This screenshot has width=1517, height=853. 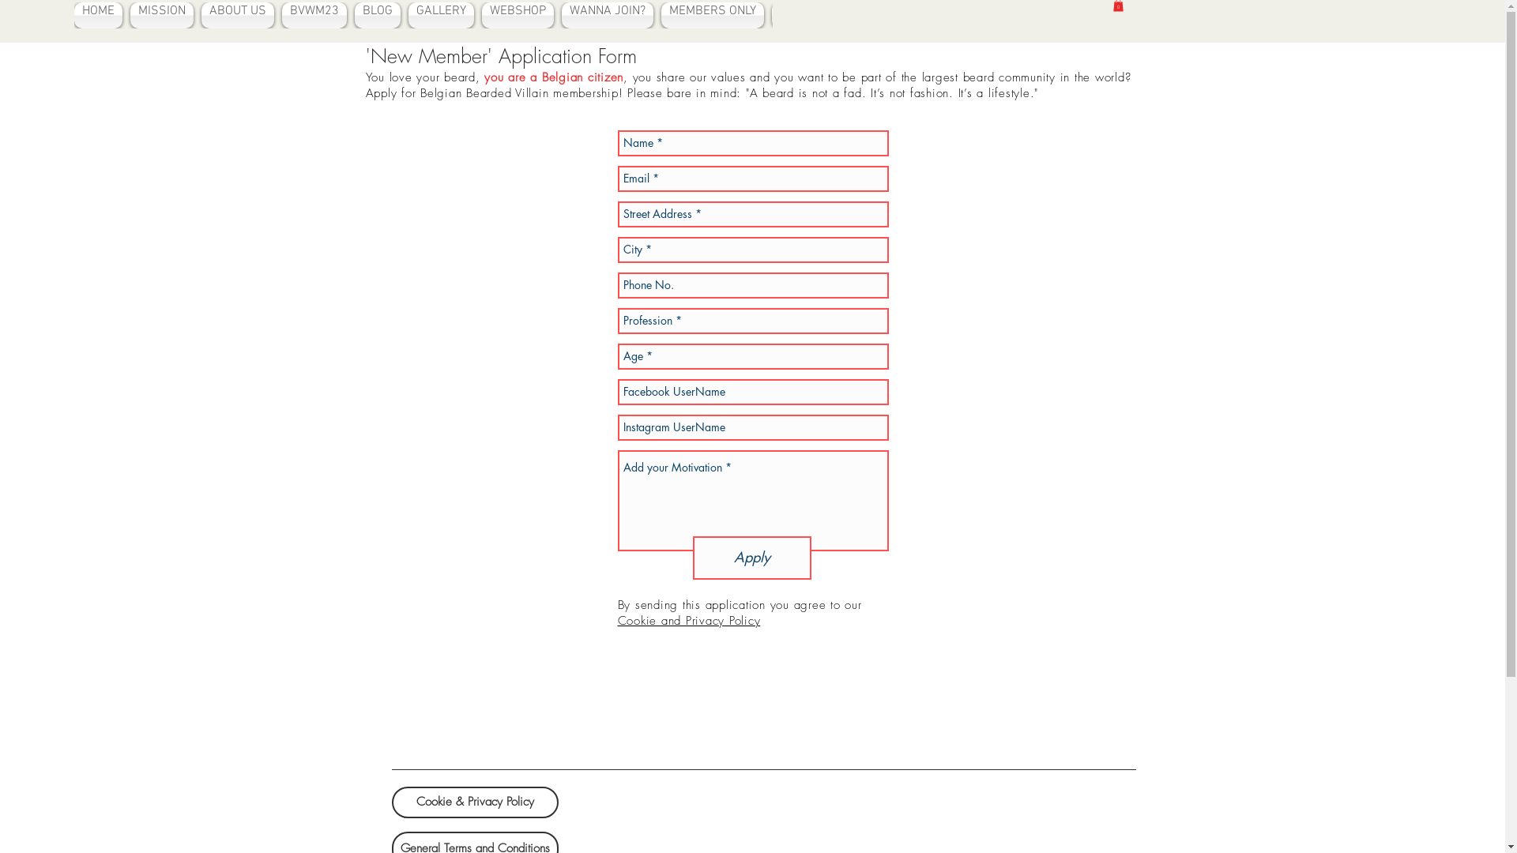 What do you see at coordinates (162, 15) in the screenshot?
I see `'MISSION'` at bounding box center [162, 15].